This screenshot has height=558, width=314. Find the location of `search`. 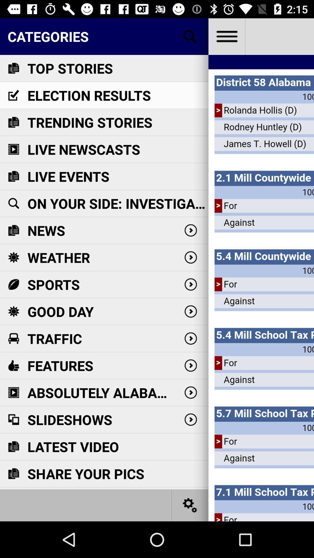

search is located at coordinates (190, 36).